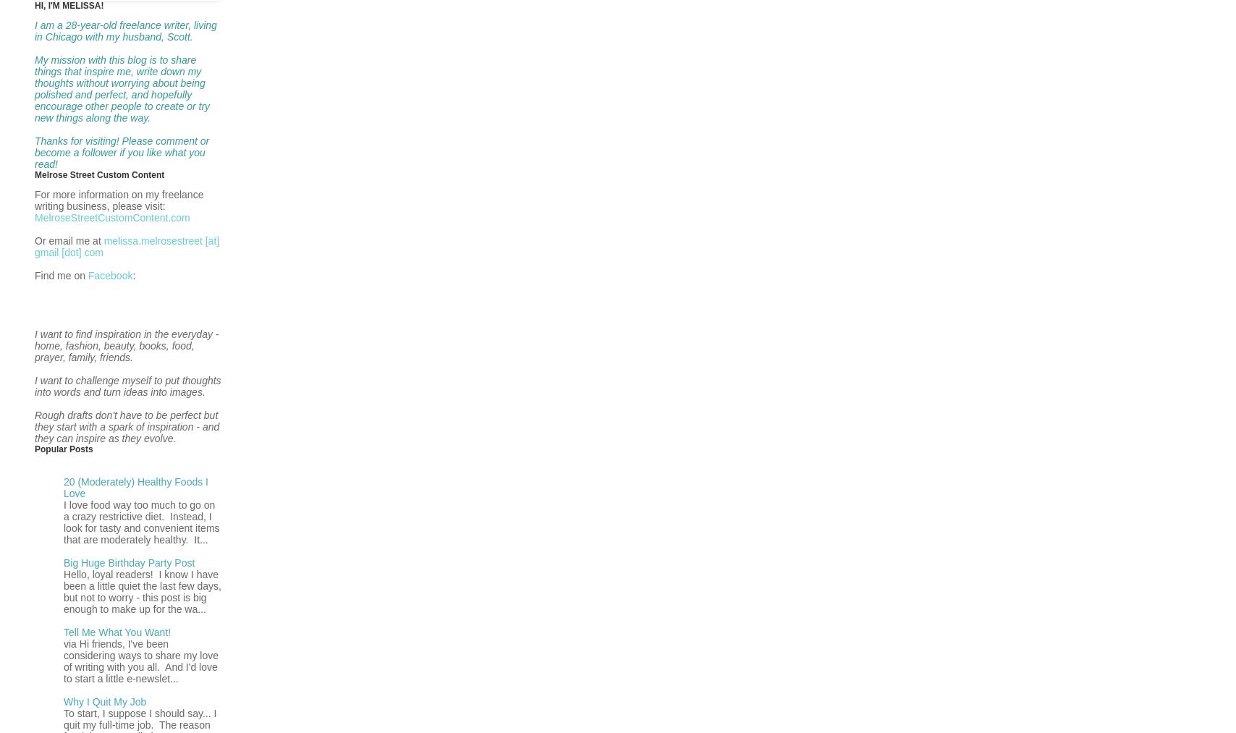 The width and height of the screenshot is (1236, 733). Describe the element at coordinates (127, 386) in the screenshot. I see `'I want to challenge myself to put thoughts into words and turn ideas into images.'` at that location.